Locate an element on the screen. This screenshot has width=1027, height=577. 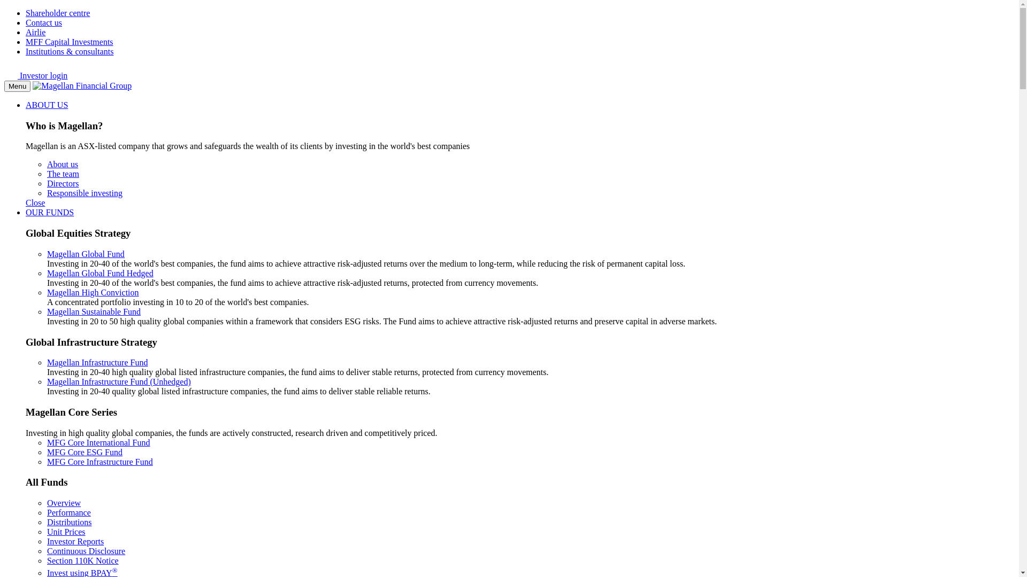
'Magellan Global Fund' is located at coordinates (86, 254).